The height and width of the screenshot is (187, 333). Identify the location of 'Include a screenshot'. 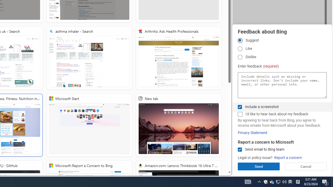
(240, 106).